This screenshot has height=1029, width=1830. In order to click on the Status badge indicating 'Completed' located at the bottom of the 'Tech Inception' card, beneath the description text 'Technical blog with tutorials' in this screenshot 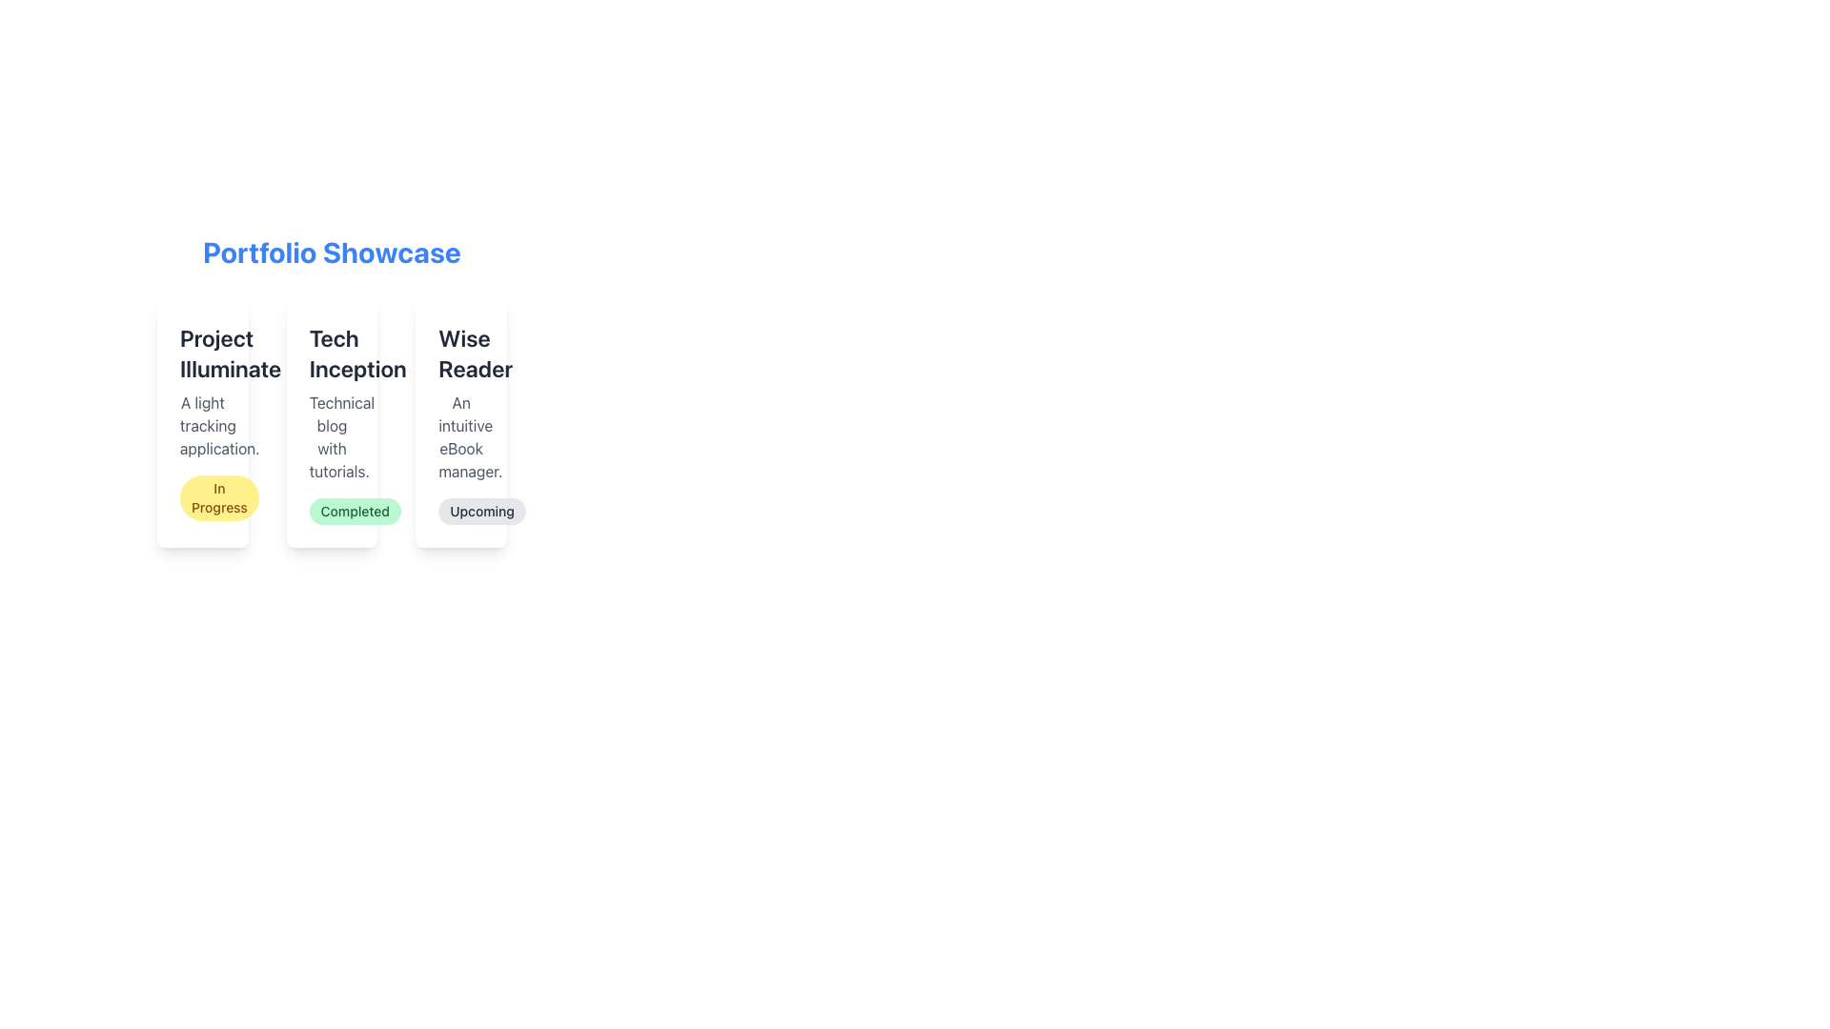, I will do `click(355, 510)`.